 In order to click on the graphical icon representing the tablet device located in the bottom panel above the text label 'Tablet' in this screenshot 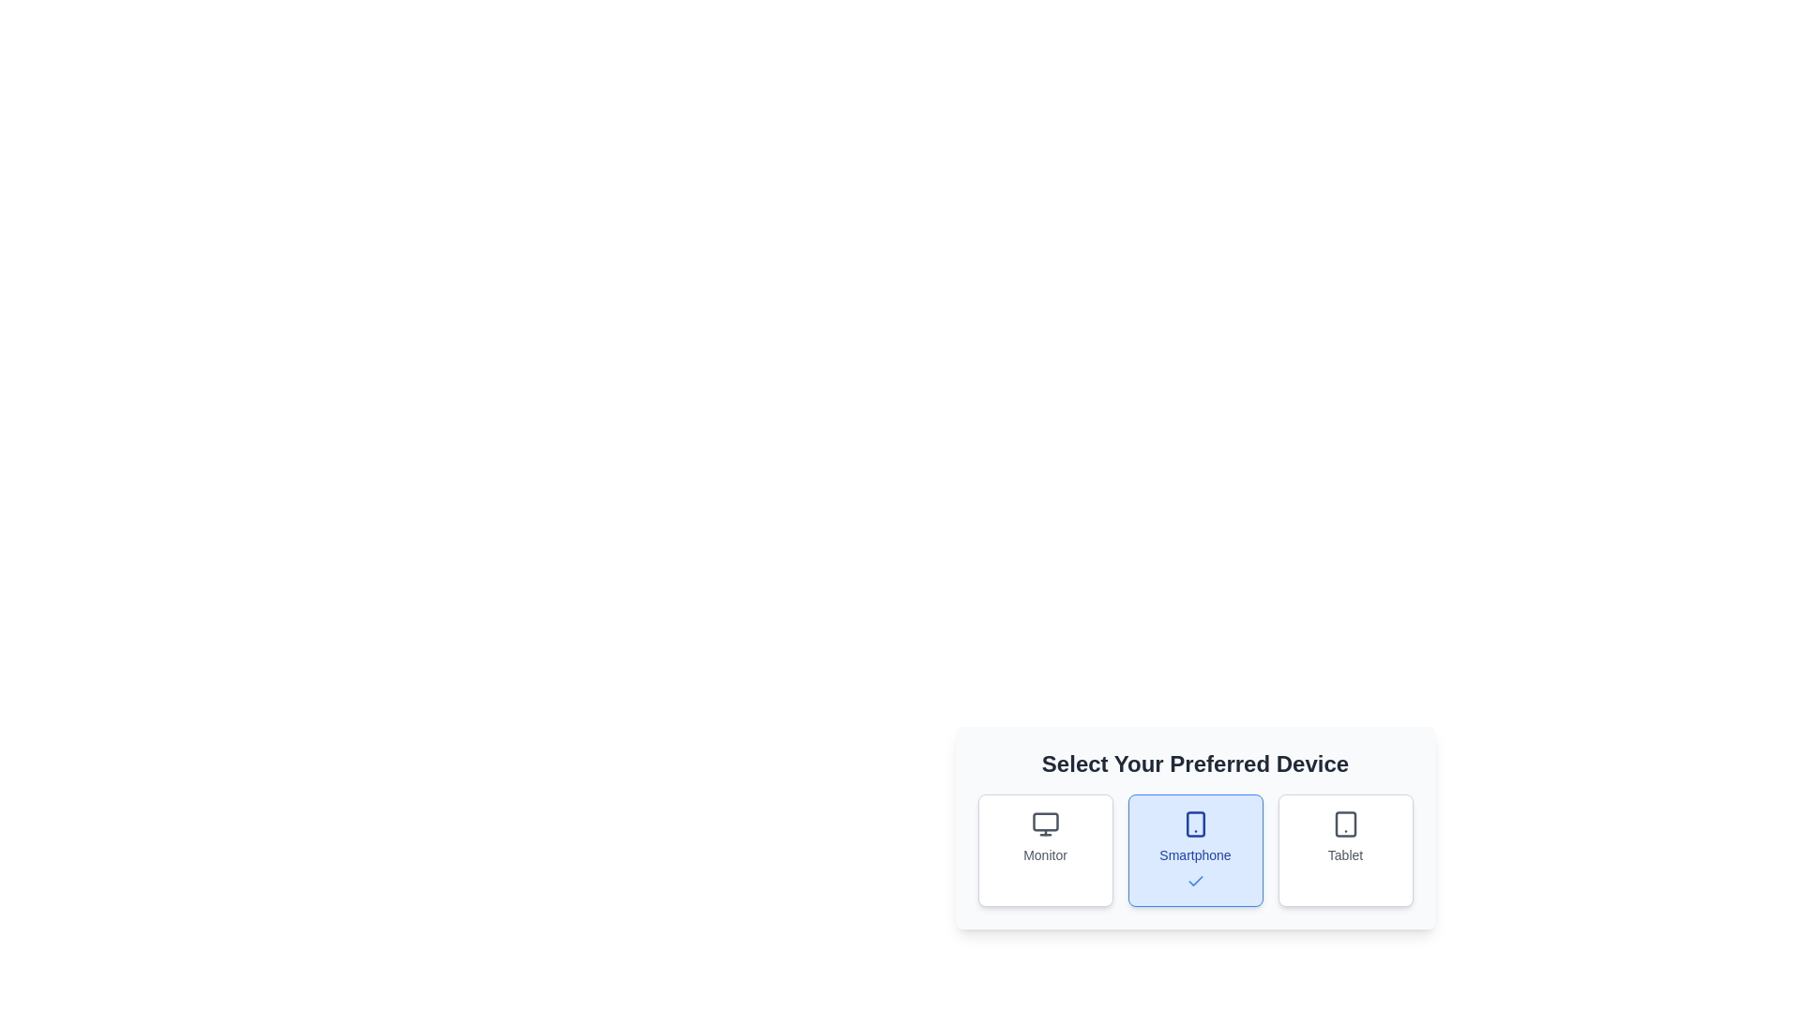, I will do `click(1344, 824)`.